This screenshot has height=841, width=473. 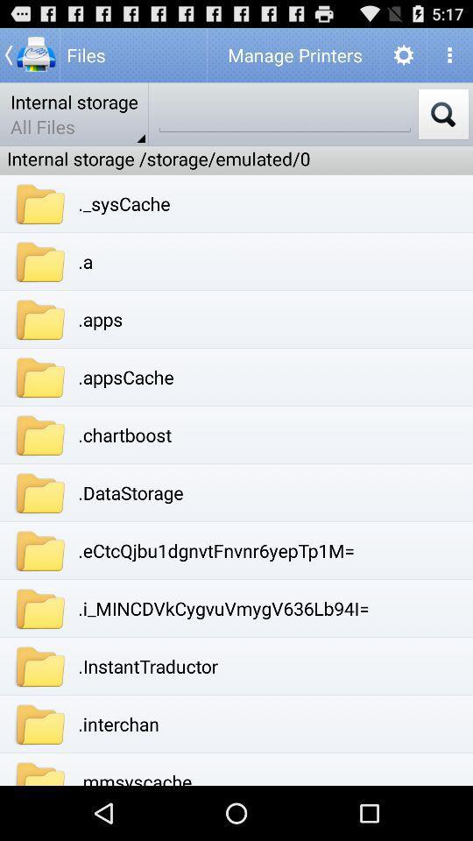 What do you see at coordinates (442, 113) in the screenshot?
I see `search` at bounding box center [442, 113].